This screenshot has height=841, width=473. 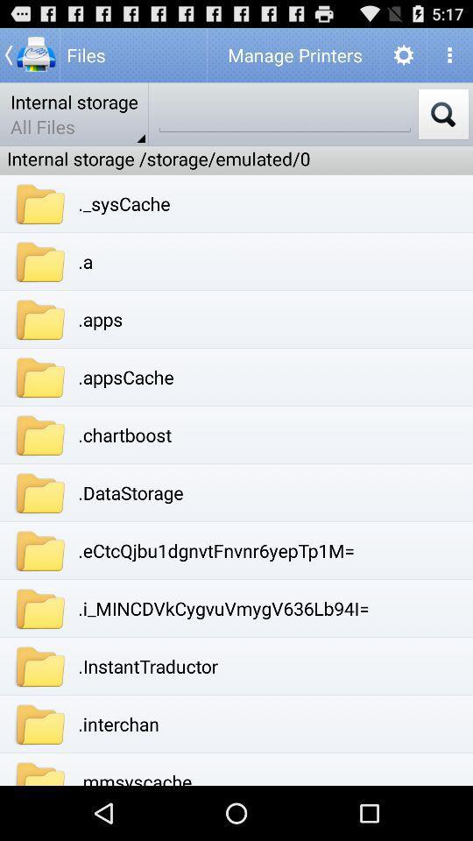 What do you see at coordinates (442, 113) in the screenshot?
I see `search` at bounding box center [442, 113].